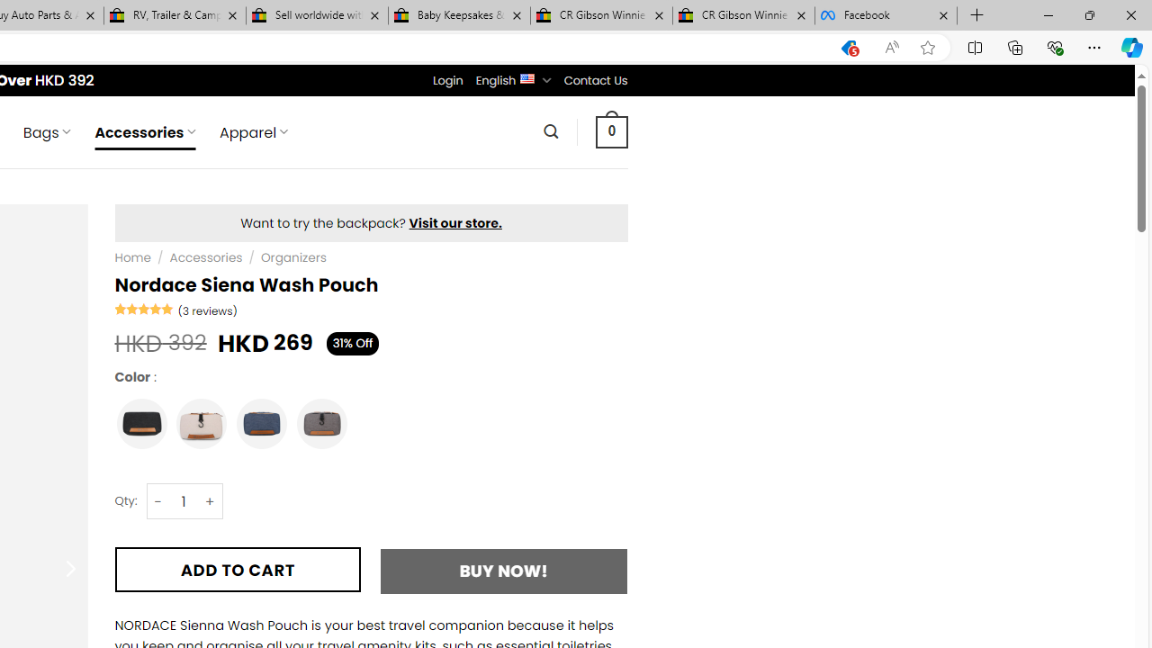  Describe the element at coordinates (175, 15) in the screenshot. I see `'RV, Trailer & Camper Steps & Ladders for sale | eBay'` at that location.